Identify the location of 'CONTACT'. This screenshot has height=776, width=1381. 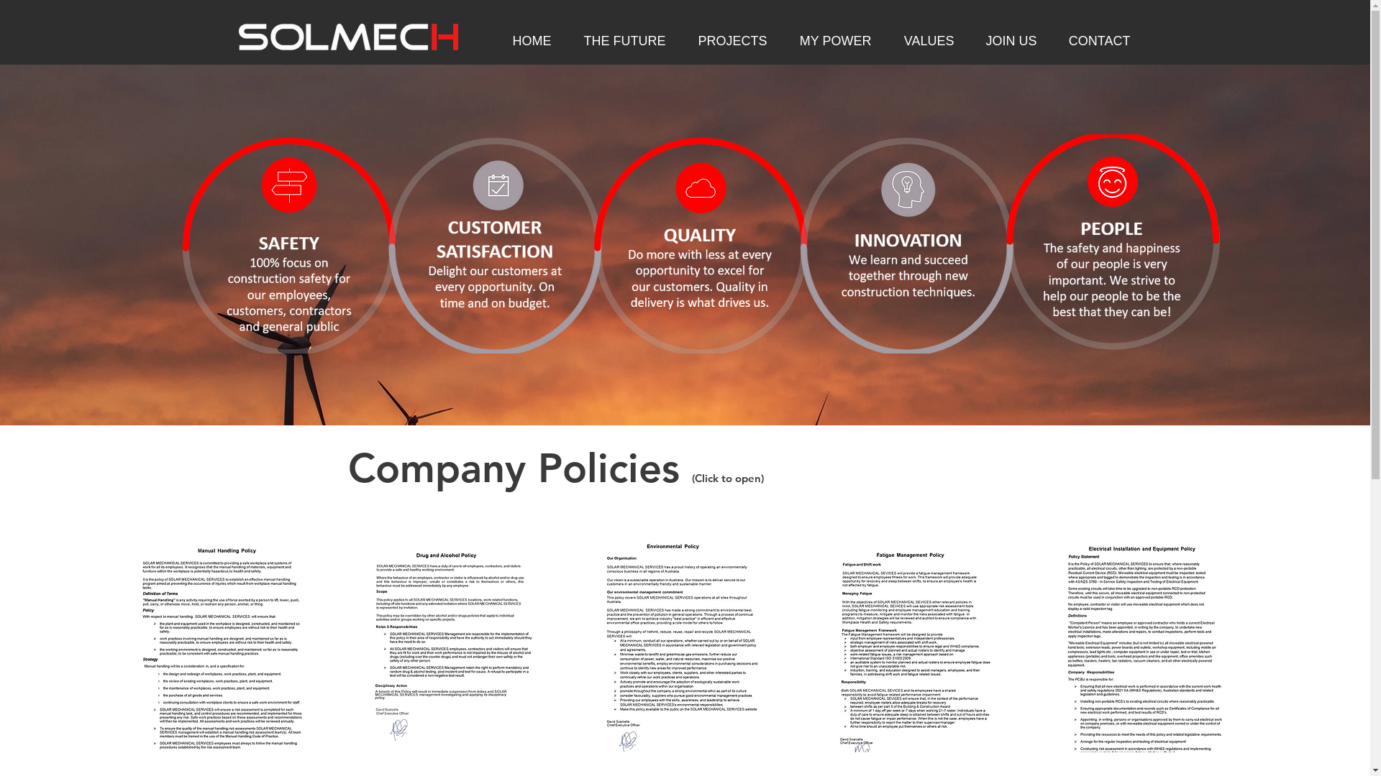
(1093, 40).